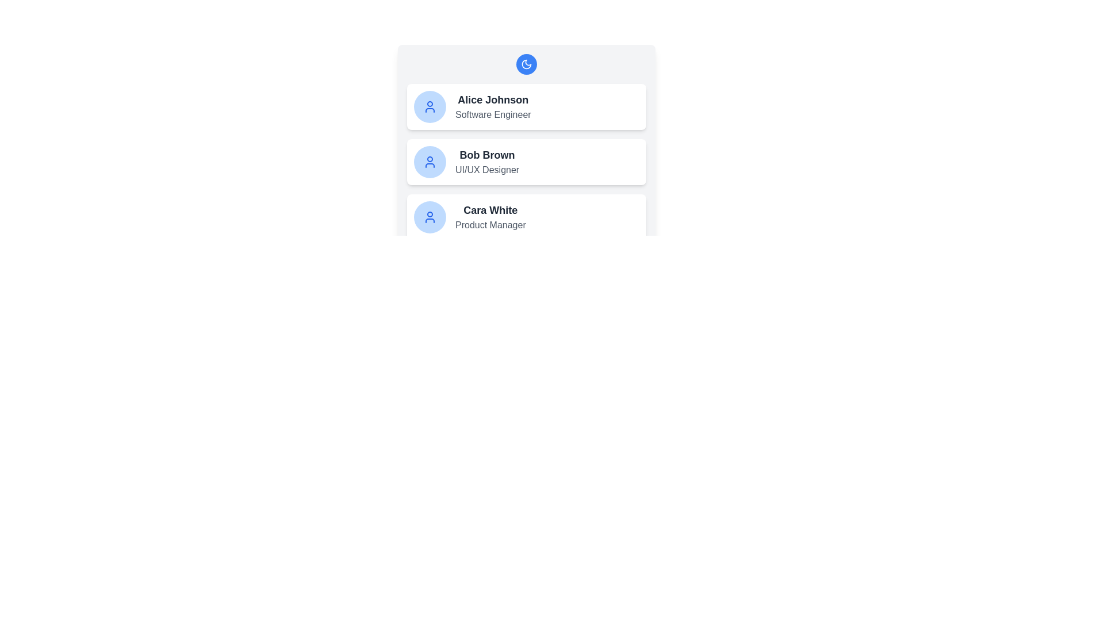 The width and height of the screenshot is (1104, 621). What do you see at coordinates (487, 170) in the screenshot?
I see `the 'UI/UX Designer' text label, which is styled in gray and positioned below the name 'Bob Brown' on the second user profile card` at bounding box center [487, 170].